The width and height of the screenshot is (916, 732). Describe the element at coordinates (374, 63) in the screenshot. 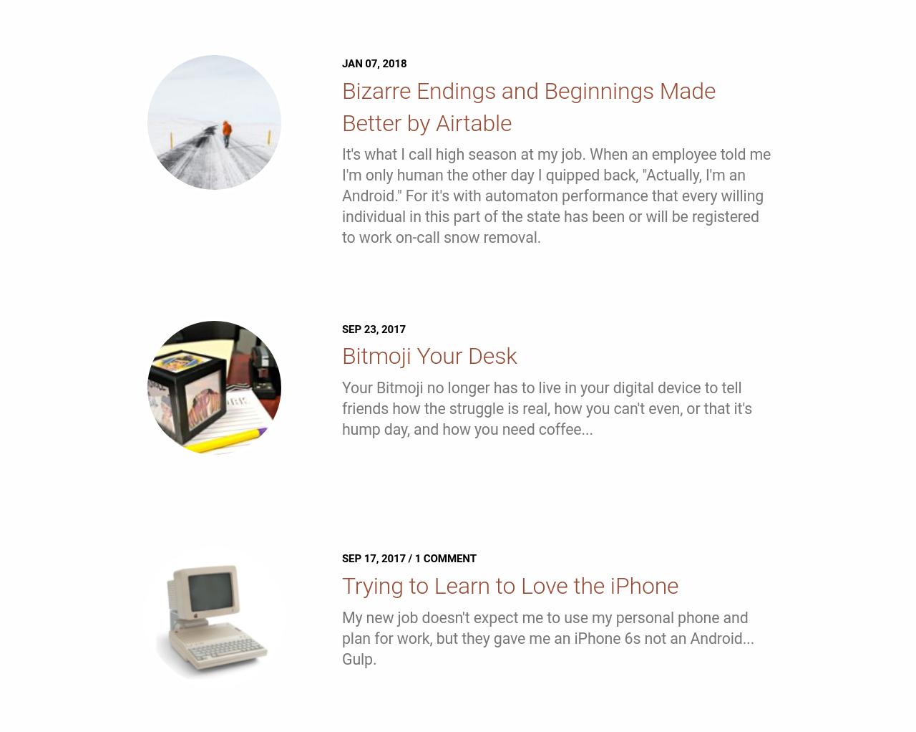

I see `'Jan 07, 2018'` at that location.